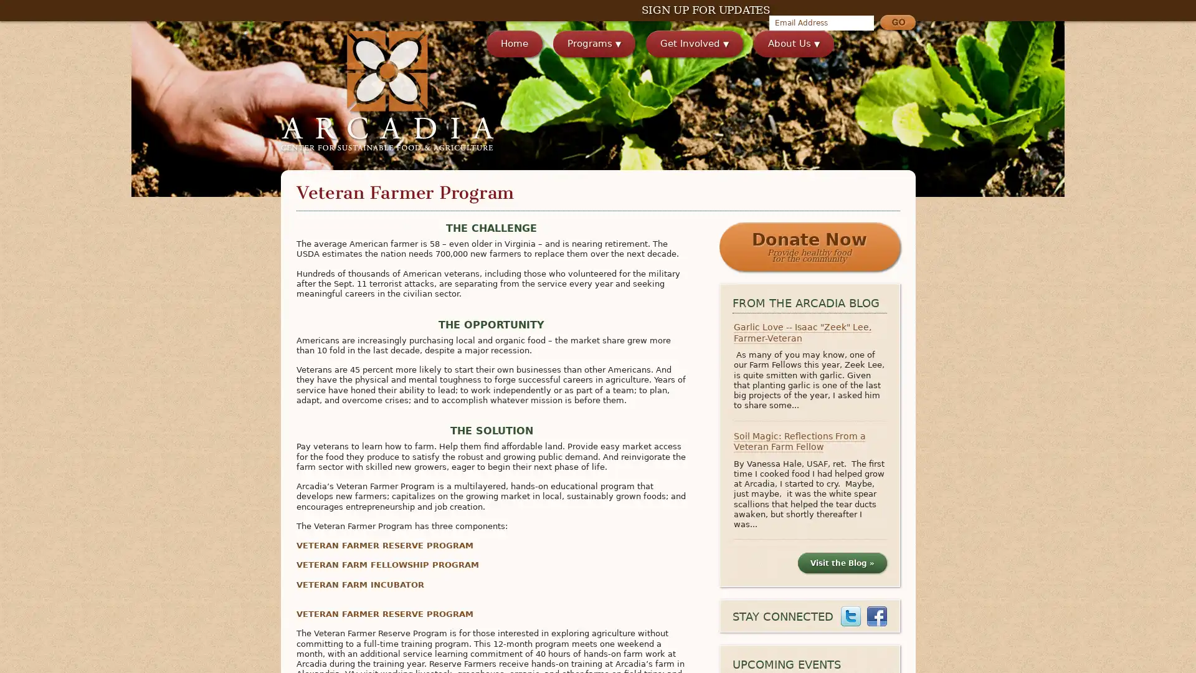  Describe the element at coordinates (897, 24) in the screenshot. I see `Submit` at that location.